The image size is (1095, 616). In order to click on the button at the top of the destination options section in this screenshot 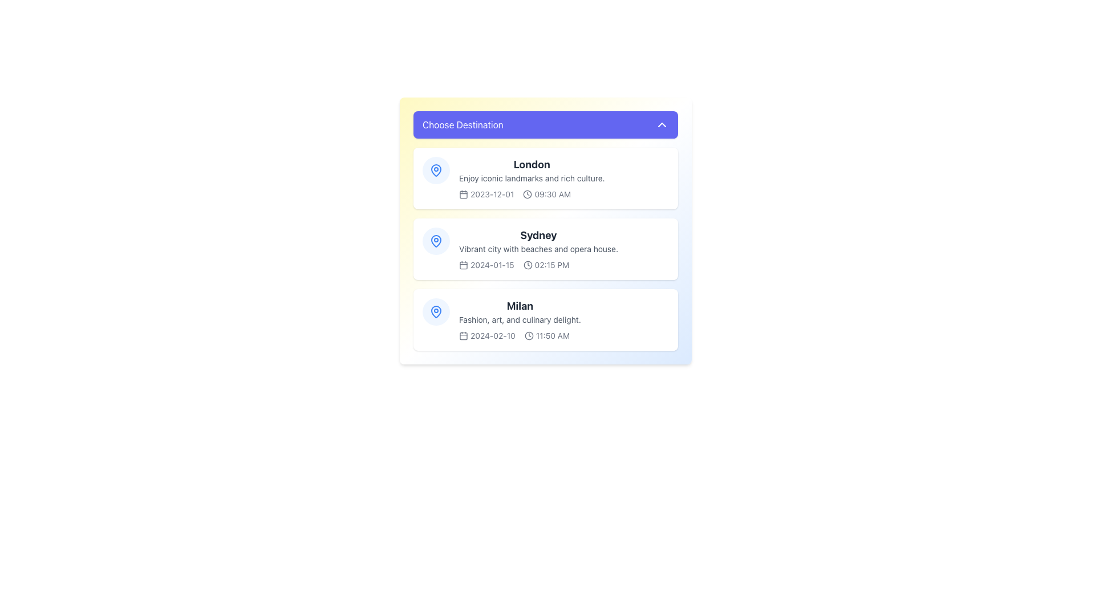, I will do `click(545, 125)`.